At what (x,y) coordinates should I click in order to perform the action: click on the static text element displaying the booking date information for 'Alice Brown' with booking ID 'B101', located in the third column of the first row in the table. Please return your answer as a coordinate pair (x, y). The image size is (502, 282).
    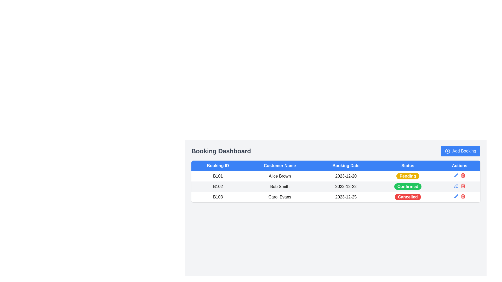
    Looking at the image, I should click on (346, 176).